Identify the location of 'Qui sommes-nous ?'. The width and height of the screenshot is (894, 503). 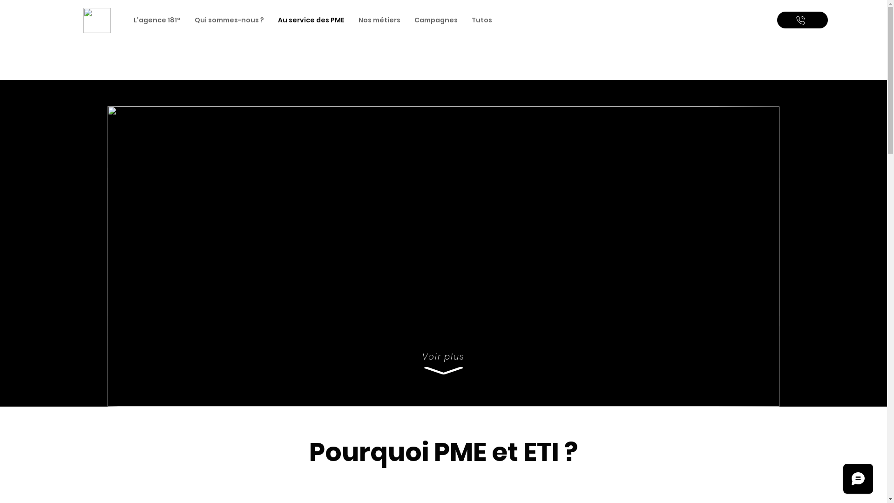
(229, 20).